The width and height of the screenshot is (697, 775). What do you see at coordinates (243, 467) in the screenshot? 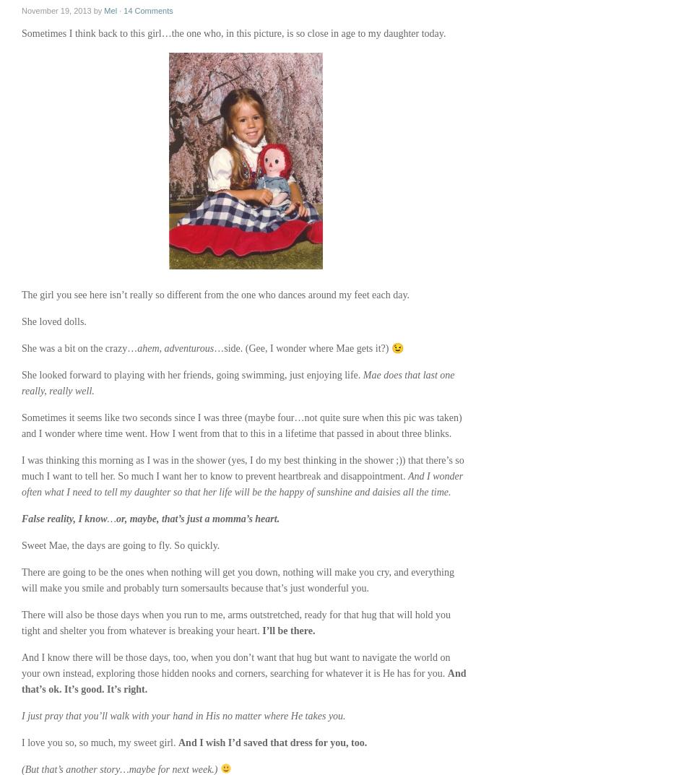
I see `'I was thinking this morning as I was in the shower (yes, I do my best thinking in the shower ;)) that there’s so much I want to tell her. So much I want her to know to prevent heartbreak and disappointment.'` at bounding box center [243, 467].